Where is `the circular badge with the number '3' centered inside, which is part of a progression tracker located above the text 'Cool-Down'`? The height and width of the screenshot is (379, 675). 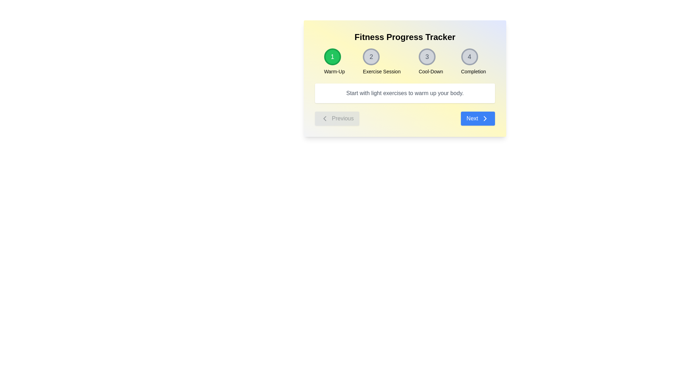
the circular badge with the number '3' centered inside, which is part of a progression tracker located above the text 'Cool-Down' is located at coordinates (426, 56).